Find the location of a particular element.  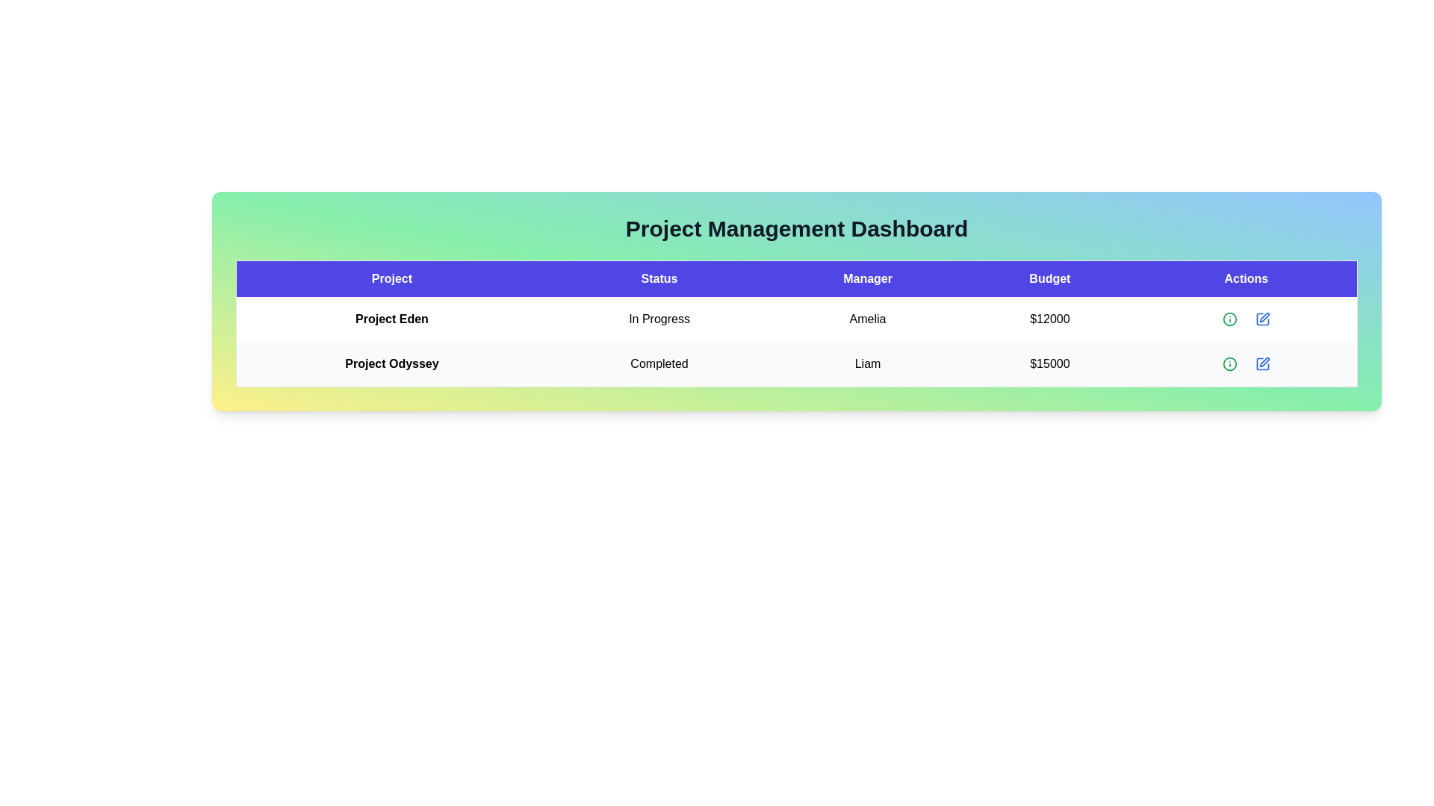

the information icon located in the 'Actions' column of the second row in the table, adjacent to the pencil icon is located at coordinates (1229, 364).